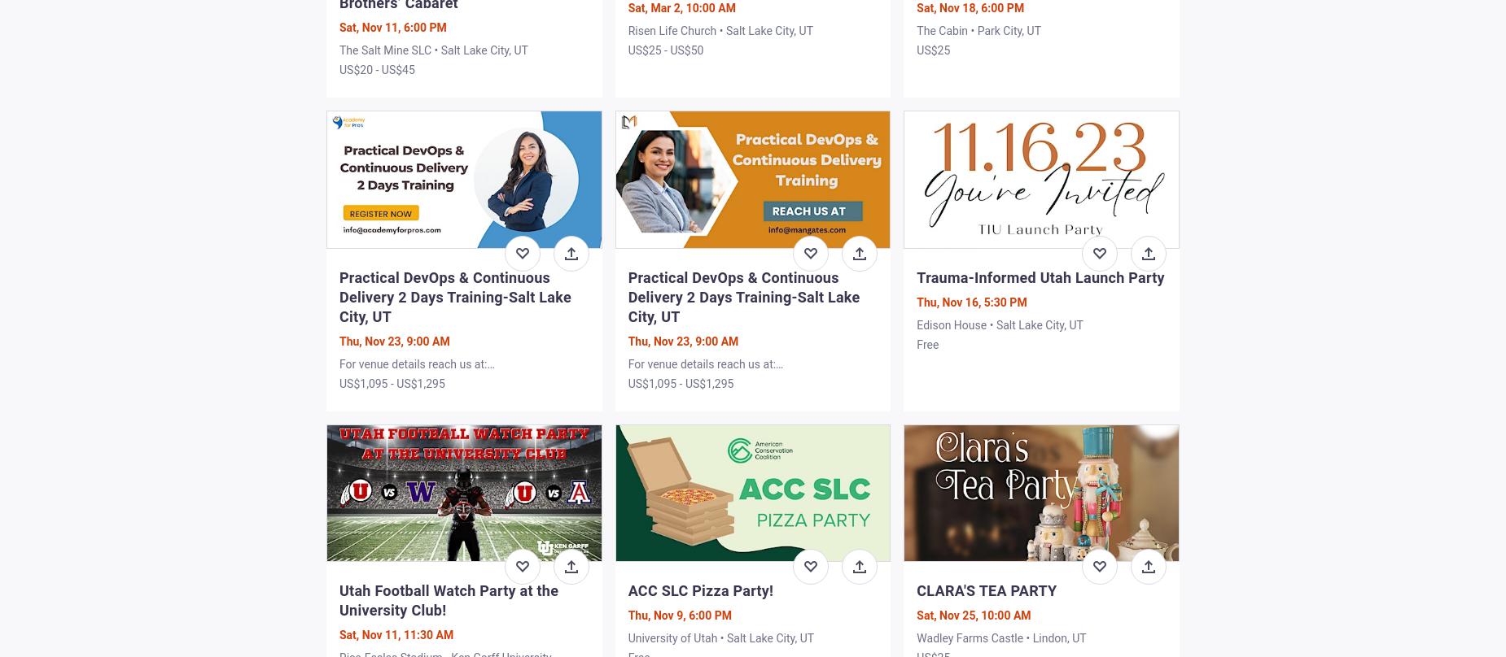 The height and width of the screenshot is (657, 1506). Describe the element at coordinates (973, 613) in the screenshot. I see `'Sat, Nov 25, 10:00 AM'` at that location.